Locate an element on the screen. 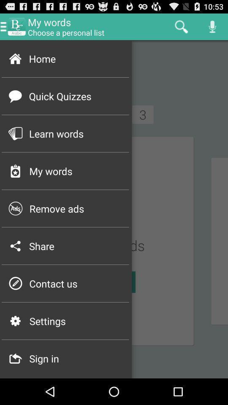 The image size is (228, 405). the voice recorder button is located at coordinates (212, 27).